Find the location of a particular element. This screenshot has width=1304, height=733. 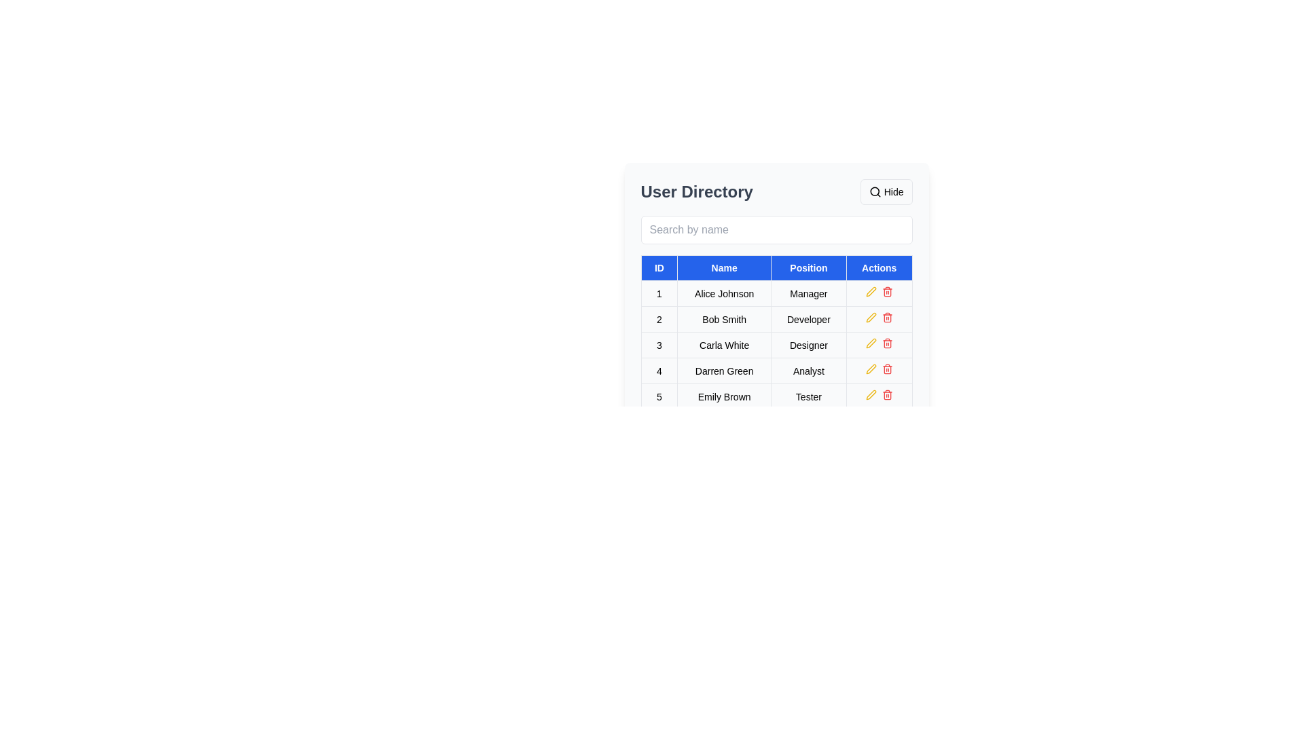

the text label that signifies the unique identifier '5' for the respective row entry, located in the first column of the last row in a table-like layout, preceding the text 'Emily Brown' is located at coordinates (659, 396).